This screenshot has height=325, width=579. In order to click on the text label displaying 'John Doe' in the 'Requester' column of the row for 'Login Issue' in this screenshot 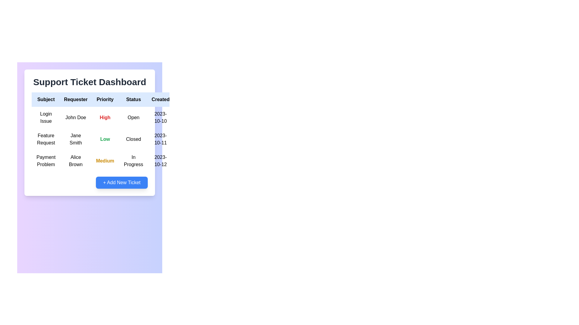, I will do `click(75, 117)`.